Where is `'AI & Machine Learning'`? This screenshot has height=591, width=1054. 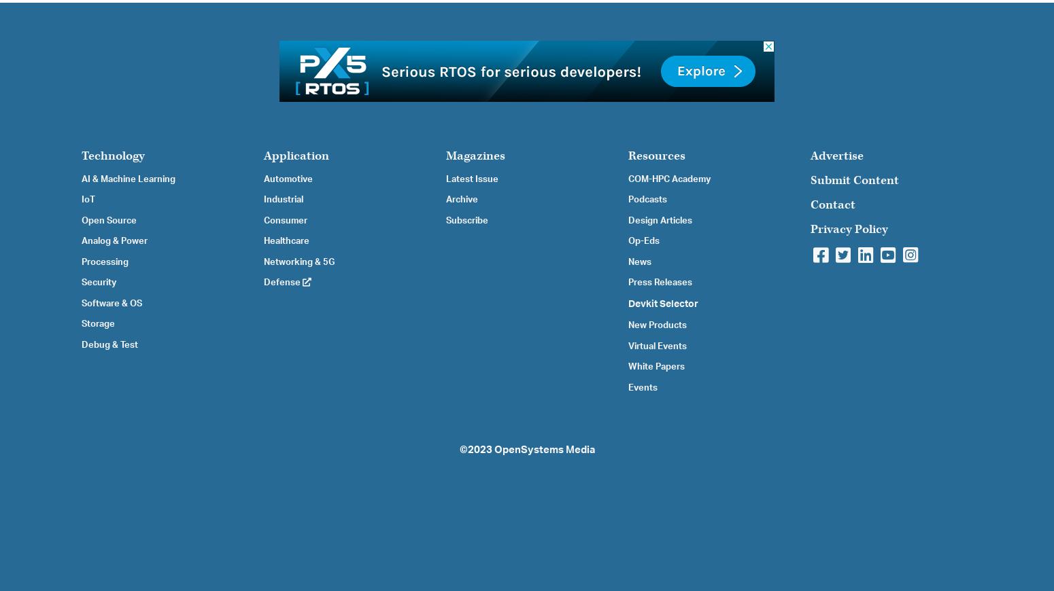 'AI & Machine Learning' is located at coordinates (127, 179).